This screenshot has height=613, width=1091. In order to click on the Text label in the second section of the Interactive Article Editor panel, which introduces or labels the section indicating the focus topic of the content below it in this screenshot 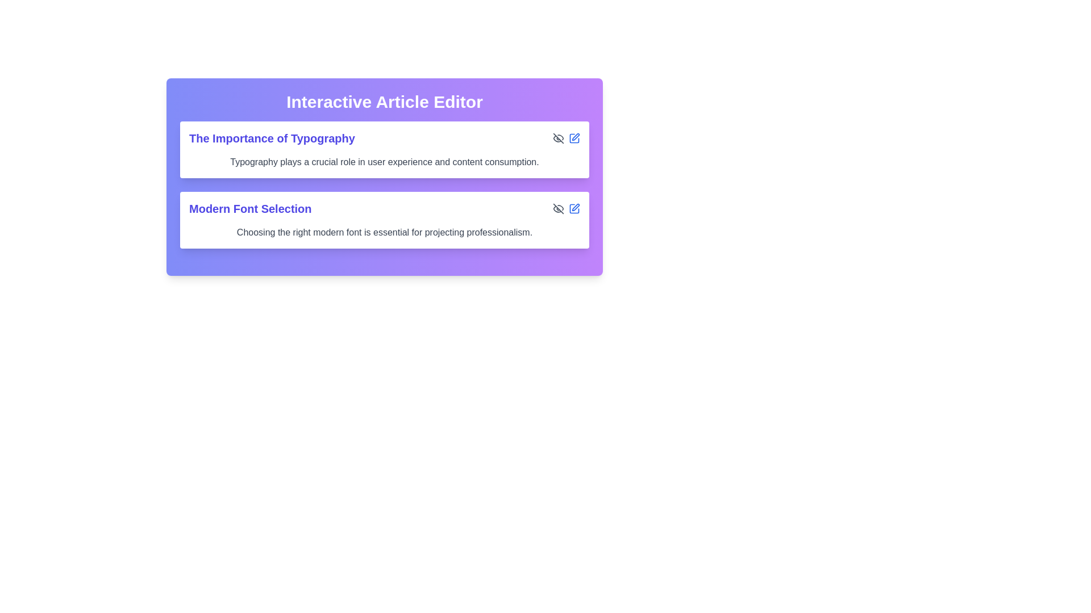, I will do `click(249, 208)`.